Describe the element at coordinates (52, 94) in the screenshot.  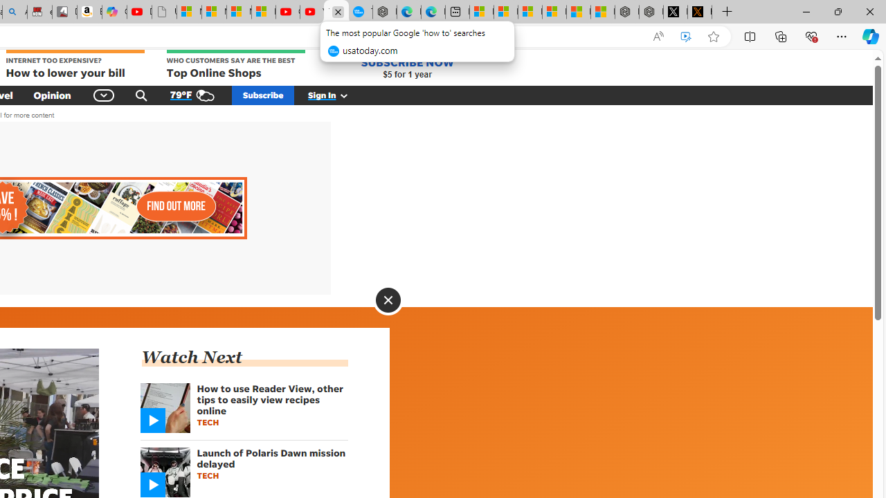
I see `'Opinion'` at that location.